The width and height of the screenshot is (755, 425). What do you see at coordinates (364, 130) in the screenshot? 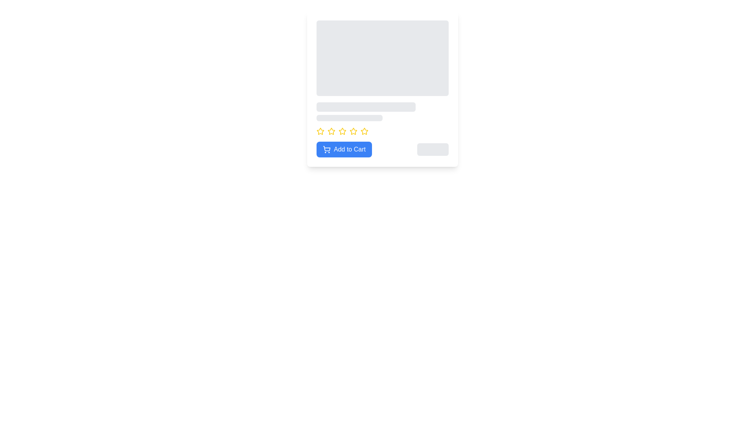
I see `the fifth rating star icon, which is styled with a yellow border and no fill` at bounding box center [364, 130].